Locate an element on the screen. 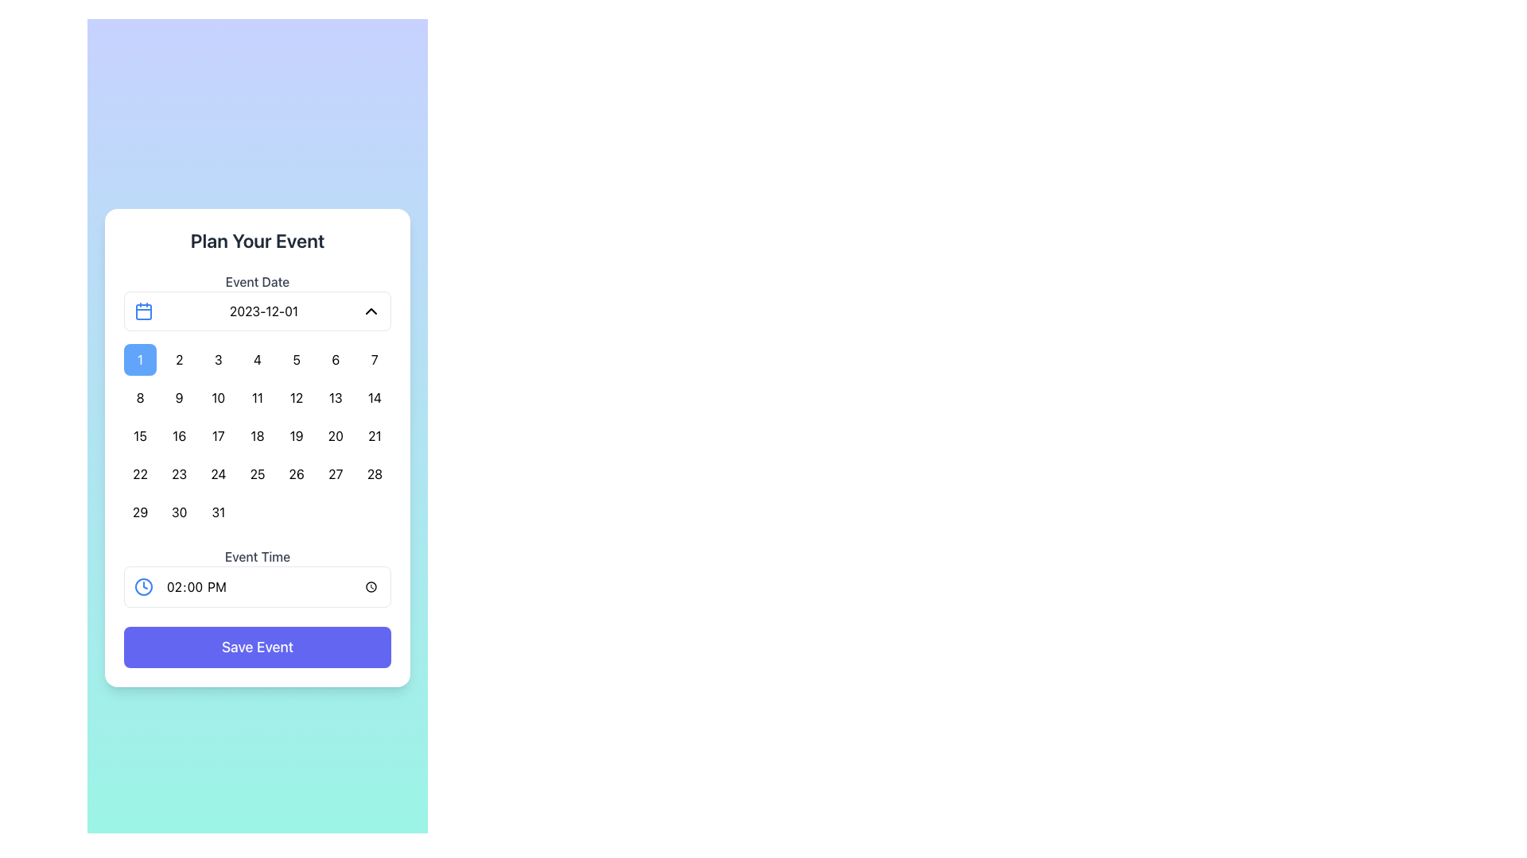 This screenshot has width=1527, height=858. the button for selecting the day '8' in the date picker, located in the second row and first column of the calendar interface is located at coordinates (140, 397).